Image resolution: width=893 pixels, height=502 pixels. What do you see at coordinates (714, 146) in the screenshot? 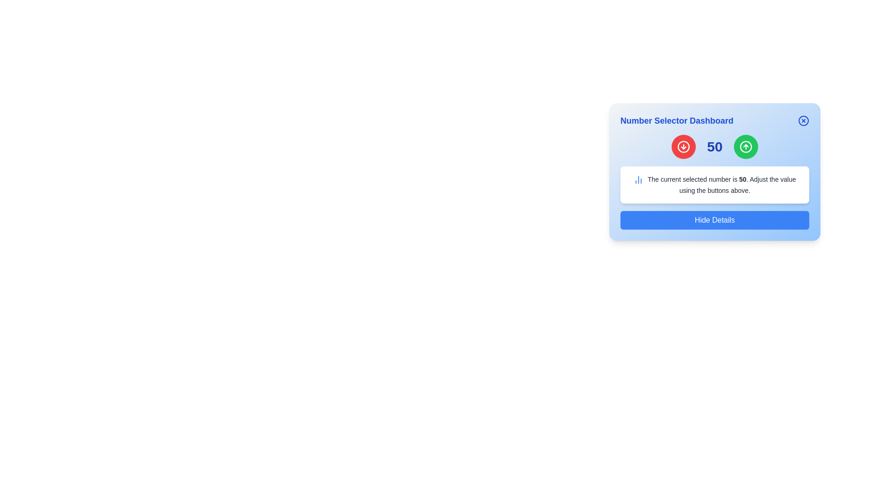
I see `the read-only text display that shows the current selected number in the interface, located between the decrement and increment buttons` at bounding box center [714, 146].